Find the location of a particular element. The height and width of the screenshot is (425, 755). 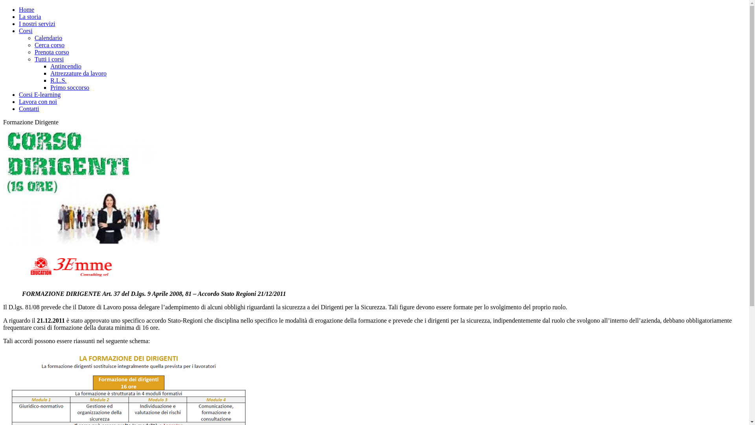

'Lavora con noi' is located at coordinates (37, 101).